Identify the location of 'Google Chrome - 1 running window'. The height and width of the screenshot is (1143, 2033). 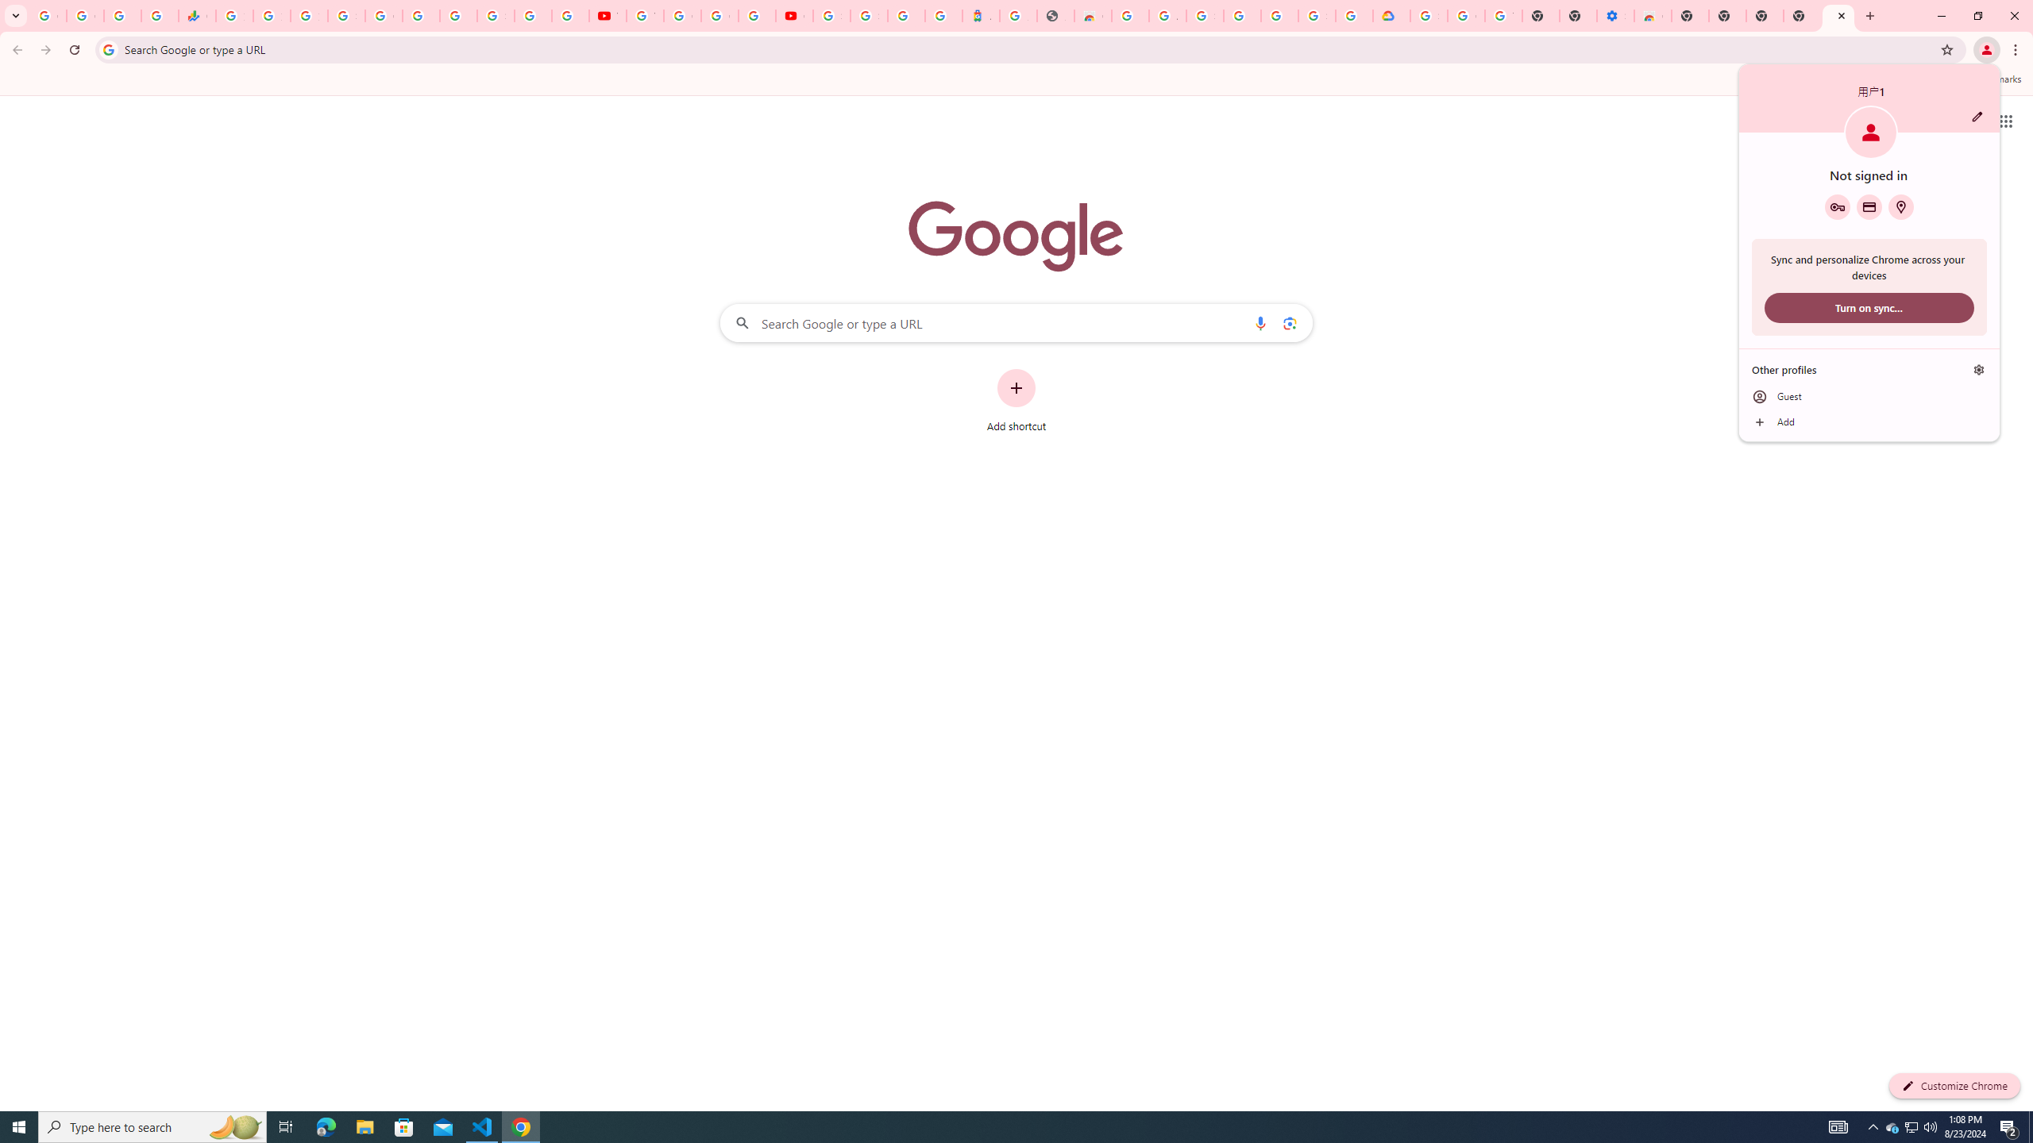
(521, 1126).